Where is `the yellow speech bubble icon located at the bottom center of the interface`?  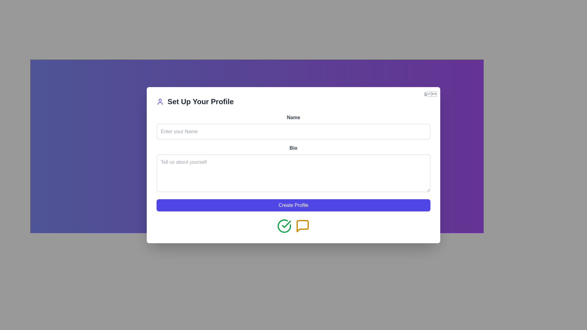
the yellow speech bubble icon located at the bottom center of the interface is located at coordinates (302, 226).